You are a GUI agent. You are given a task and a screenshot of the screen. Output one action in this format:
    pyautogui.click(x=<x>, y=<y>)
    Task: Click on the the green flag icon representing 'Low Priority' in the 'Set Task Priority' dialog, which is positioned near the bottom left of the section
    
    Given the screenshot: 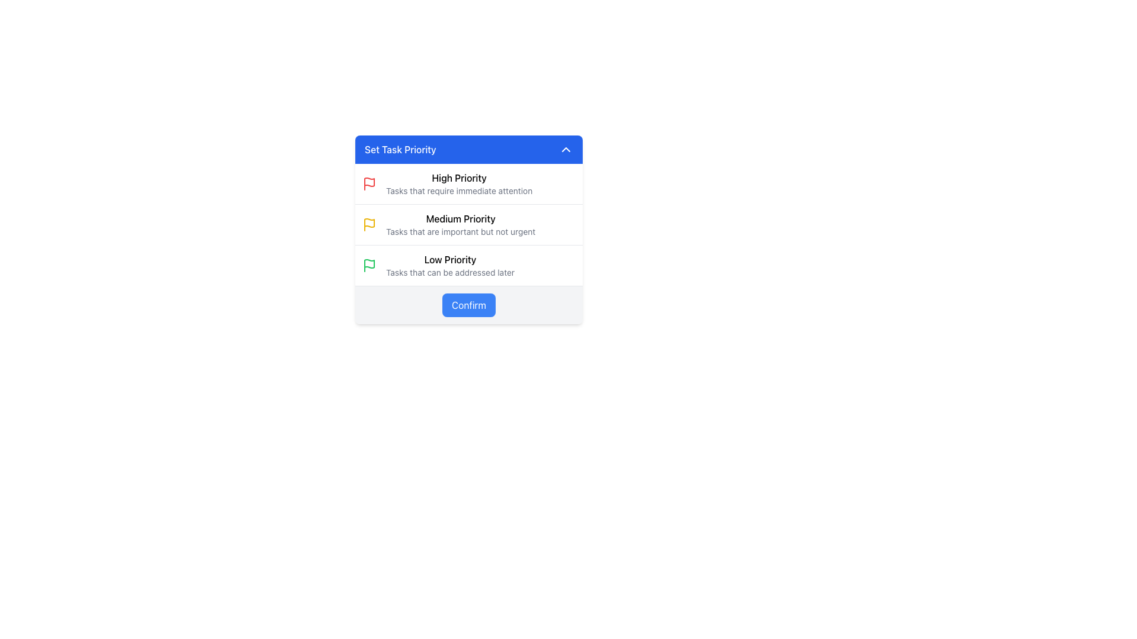 What is the action you would take?
    pyautogui.click(x=369, y=263)
    